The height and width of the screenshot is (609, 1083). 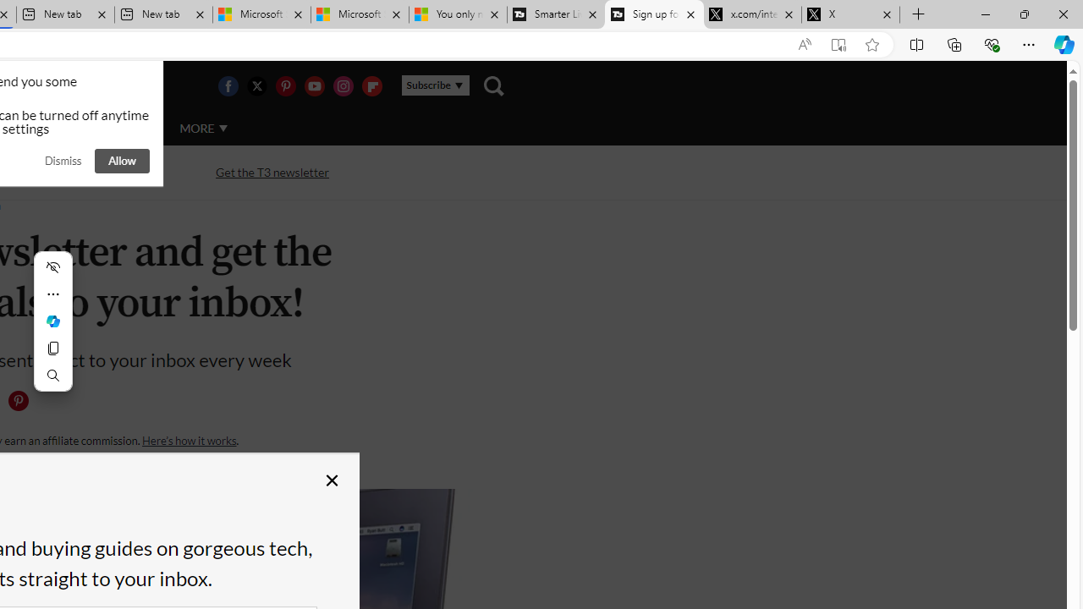 I want to click on 'Collections', so click(x=954, y=43).